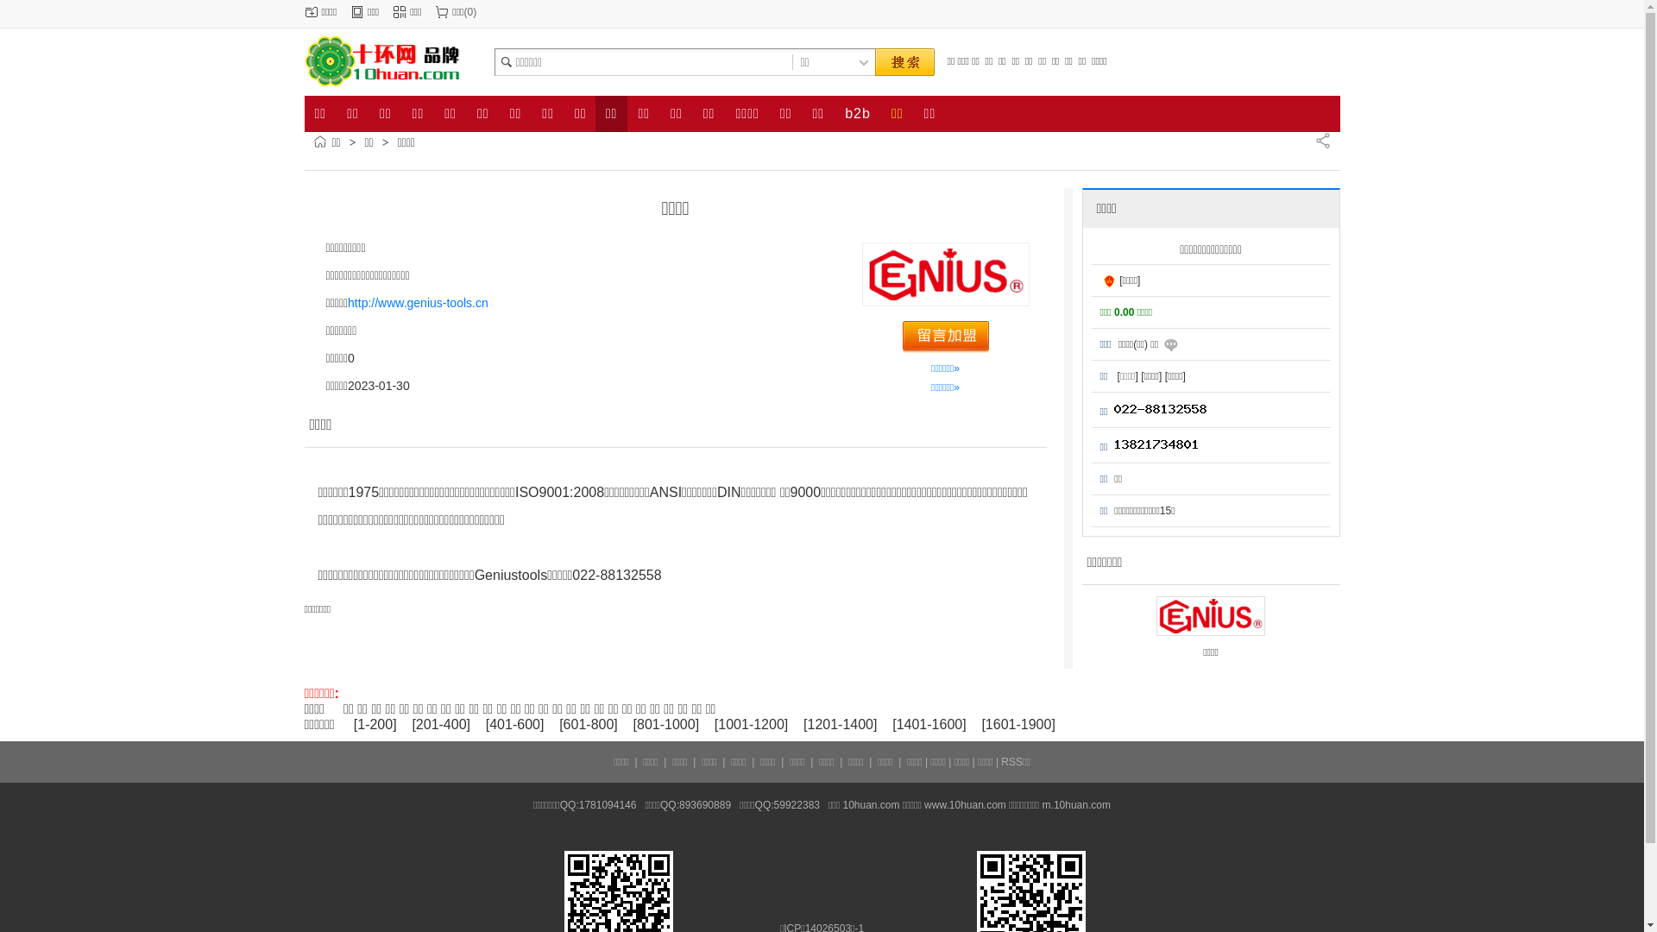  I want to click on '1-200', so click(374, 724).